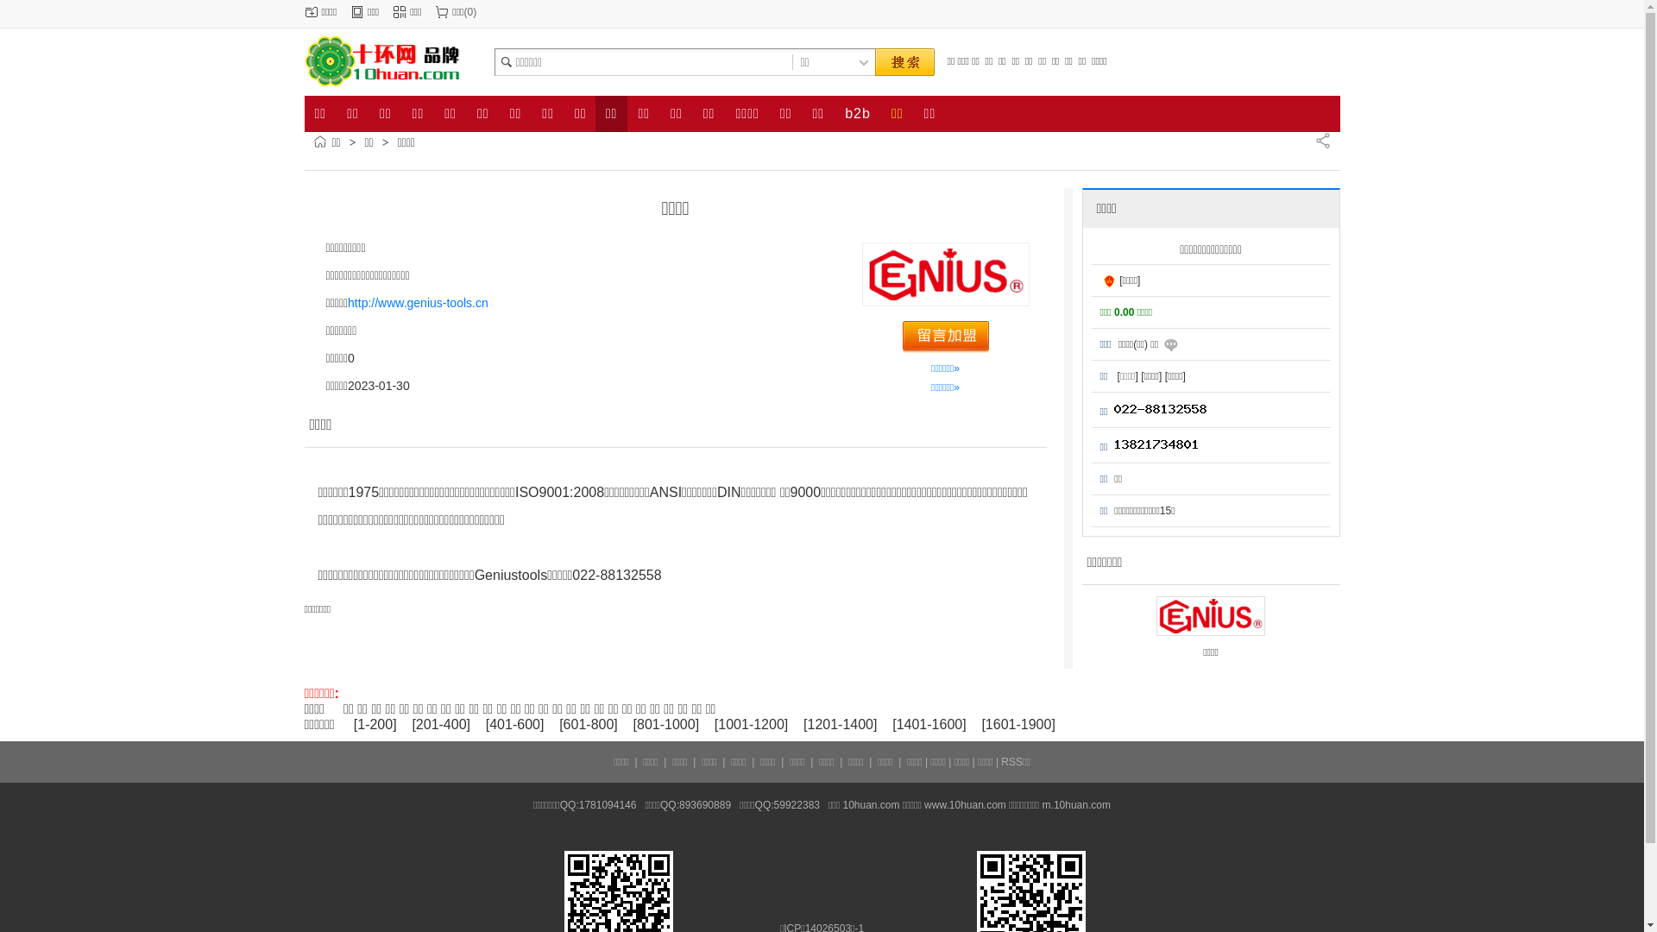  I want to click on '1-200', so click(374, 724).